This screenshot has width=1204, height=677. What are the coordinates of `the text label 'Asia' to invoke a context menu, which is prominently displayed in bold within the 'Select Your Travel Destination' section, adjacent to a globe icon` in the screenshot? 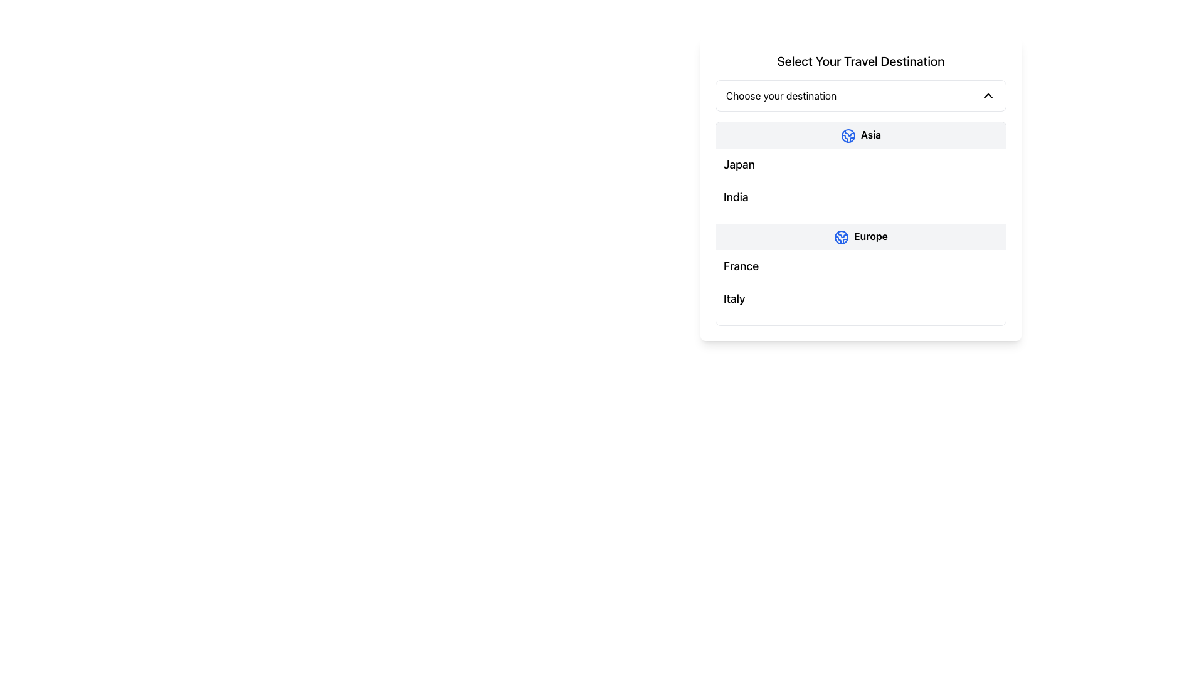 It's located at (870, 135).